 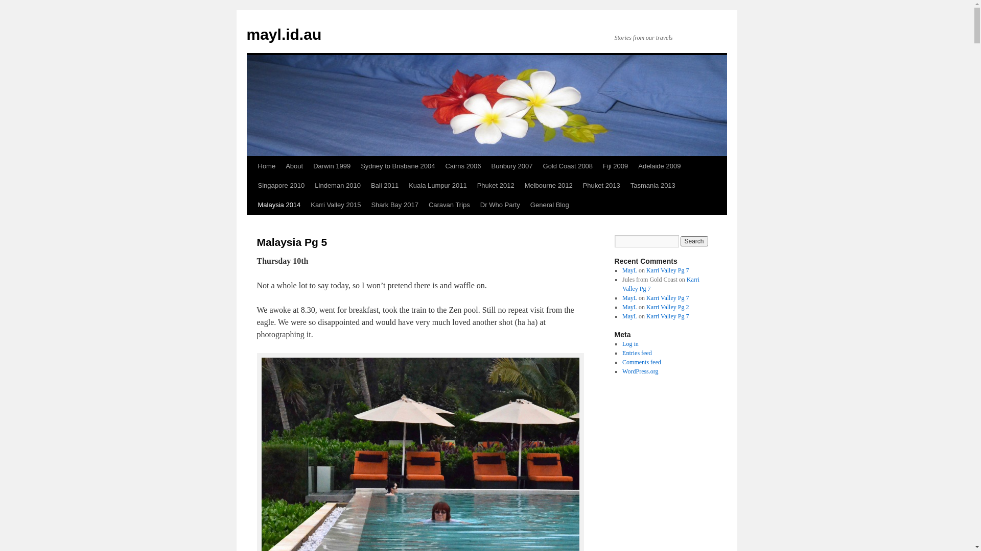 I want to click on 'Singapore 2010', so click(x=252, y=185).